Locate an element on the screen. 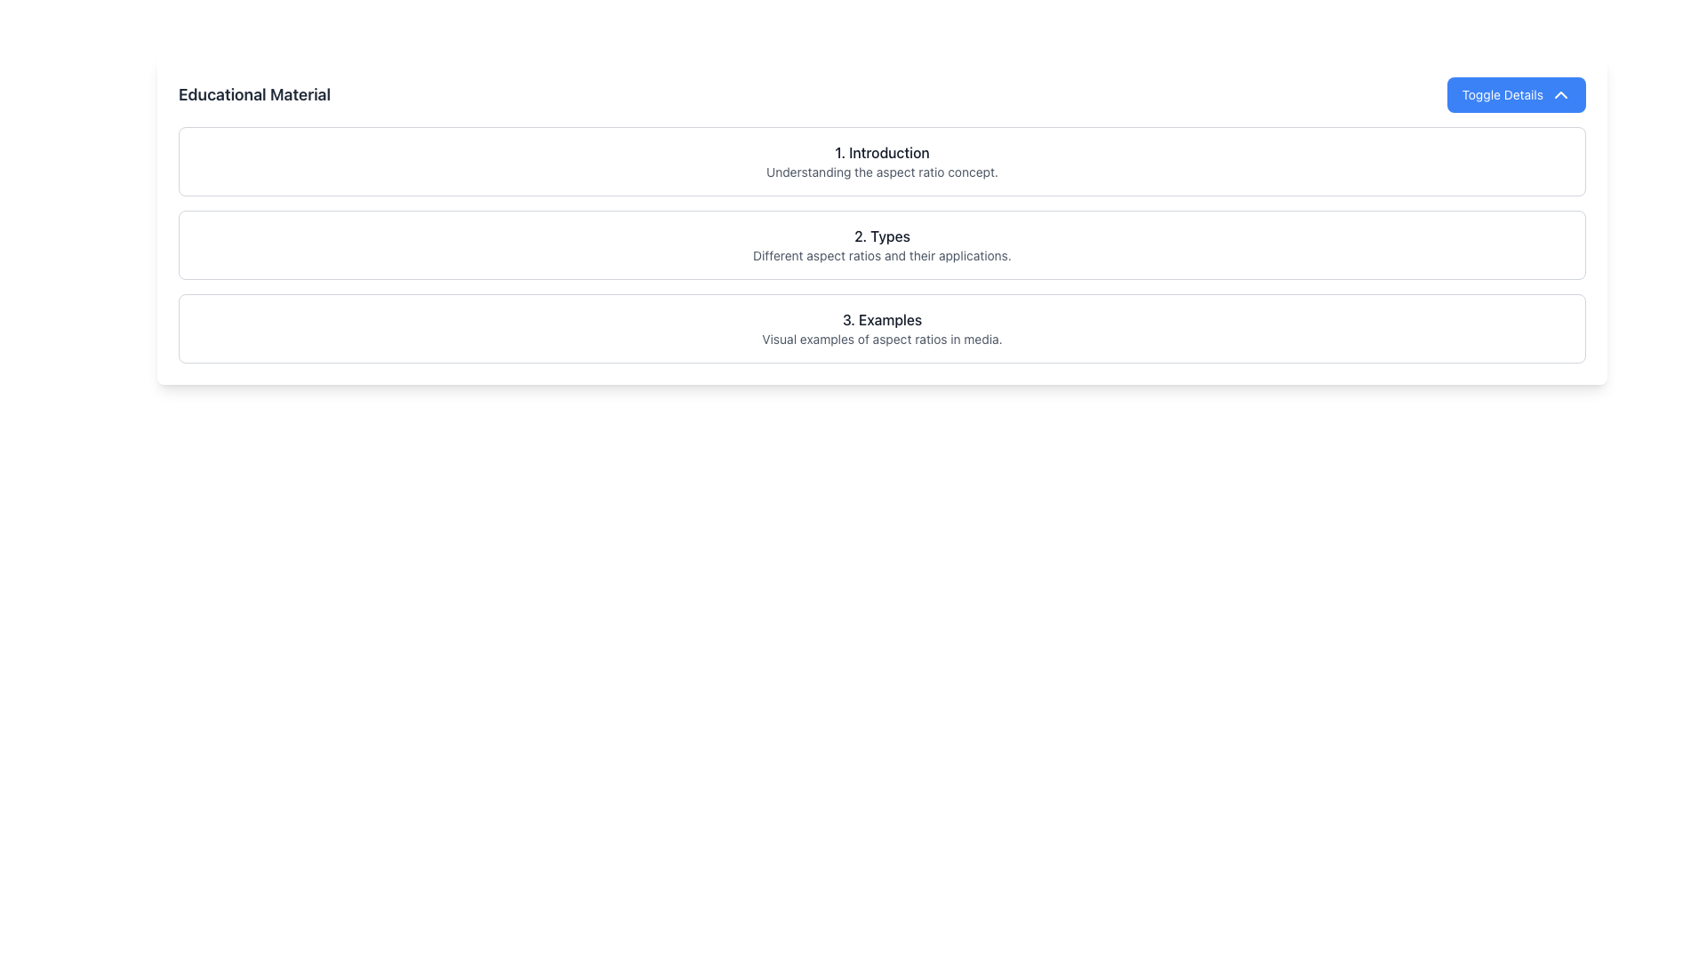 This screenshot has height=960, width=1707. the first informational block at the top of the list, which presents a title and brief description related to its topic is located at coordinates (882, 161).